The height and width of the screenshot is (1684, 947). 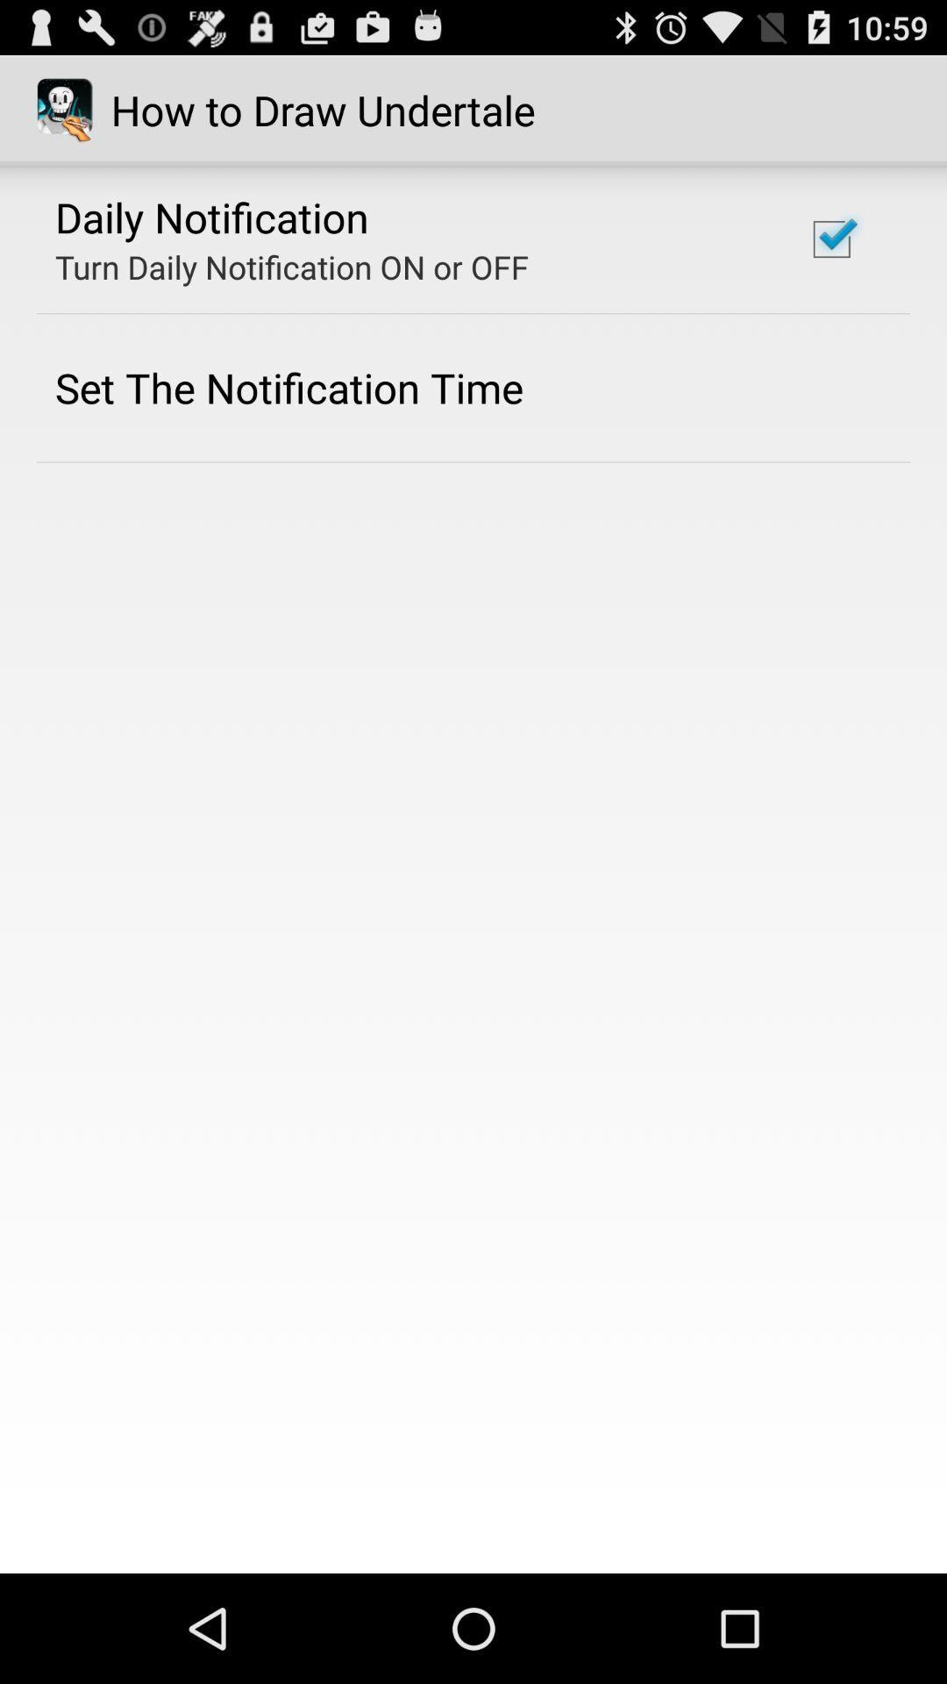 What do you see at coordinates (288, 387) in the screenshot?
I see `set the notification icon` at bounding box center [288, 387].